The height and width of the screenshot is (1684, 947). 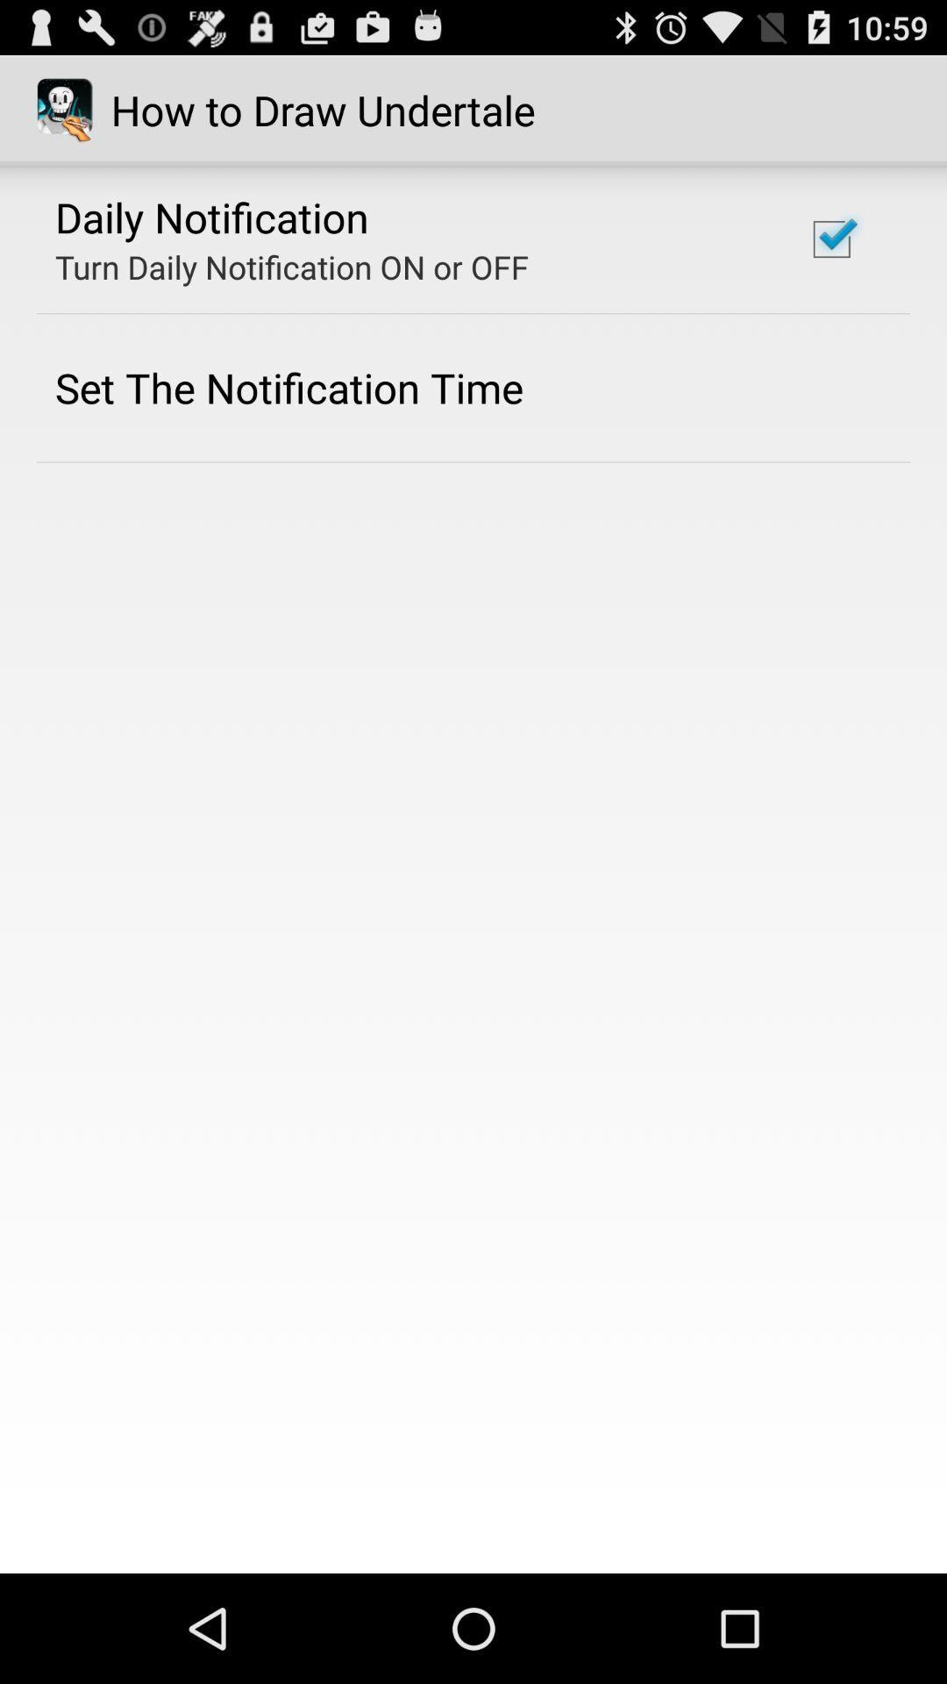 What do you see at coordinates (288, 387) in the screenshot?
I see `set the notification icon` at bounding box center [288, 387].